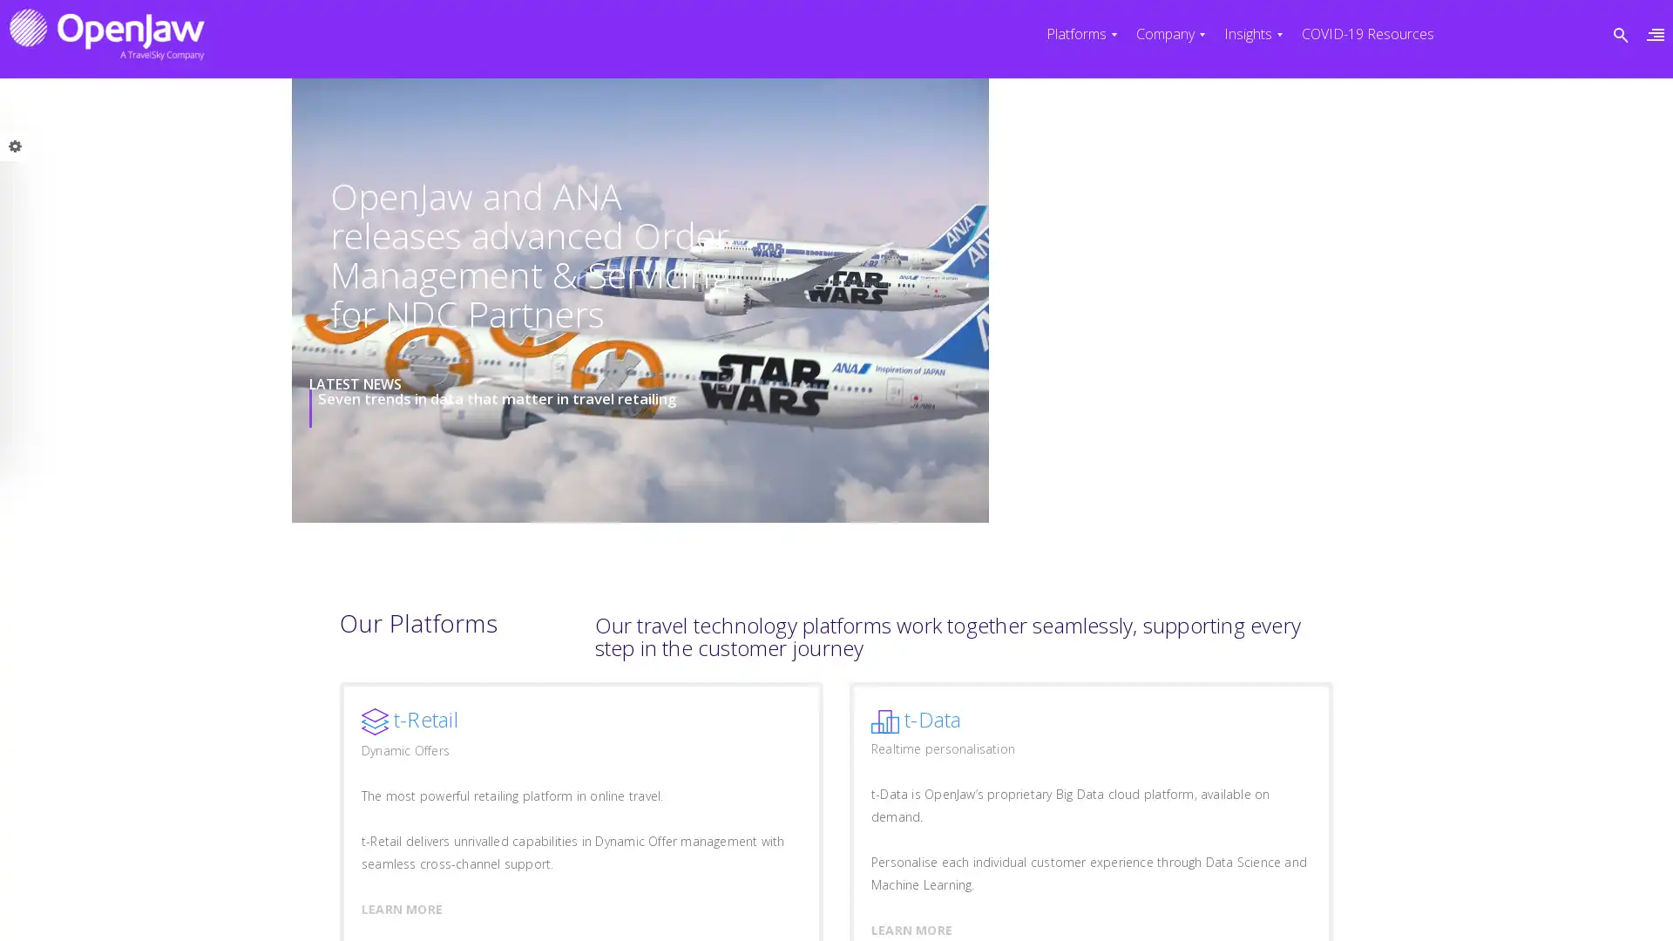 The width and height of the screenshot is (1673, 941). I want to click on Settings, so click(1187, 906).